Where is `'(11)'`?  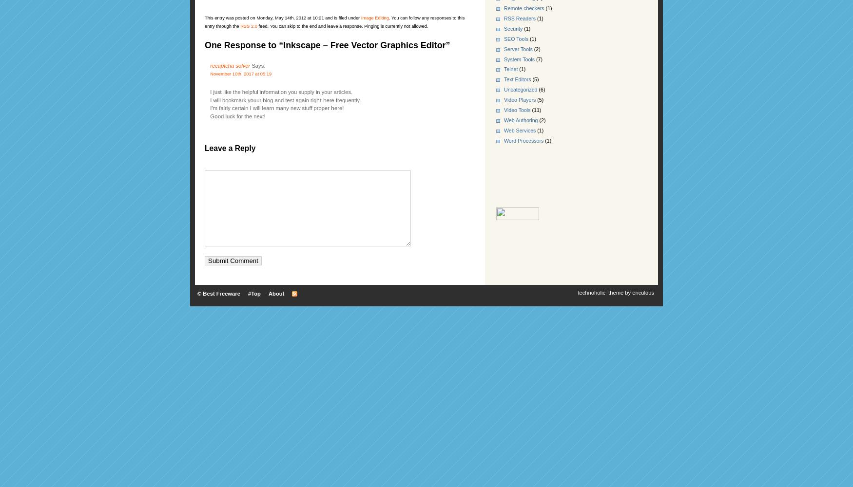 '(11)' is located at coordinates (536, 110).